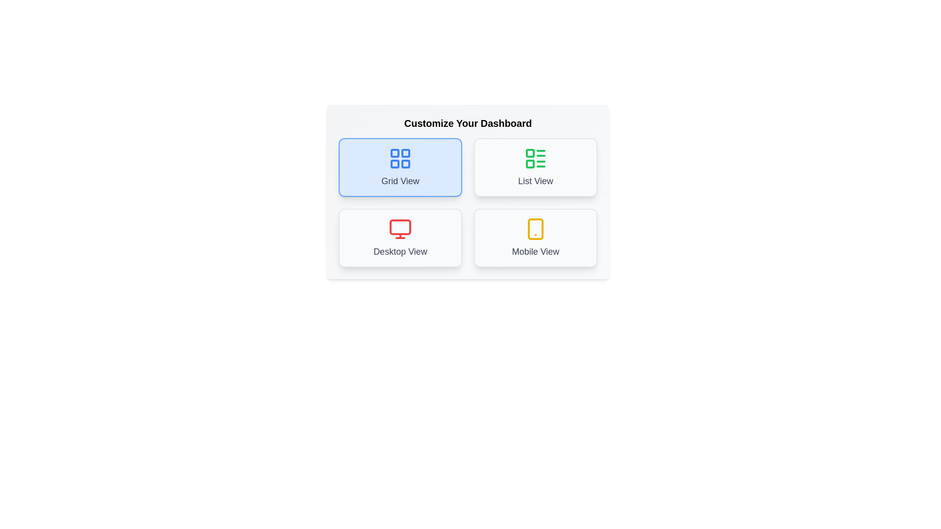  Describe the element at coordinates (535, 167) in the screenshot. I see `the button corresponding to the layout List View` at that location.